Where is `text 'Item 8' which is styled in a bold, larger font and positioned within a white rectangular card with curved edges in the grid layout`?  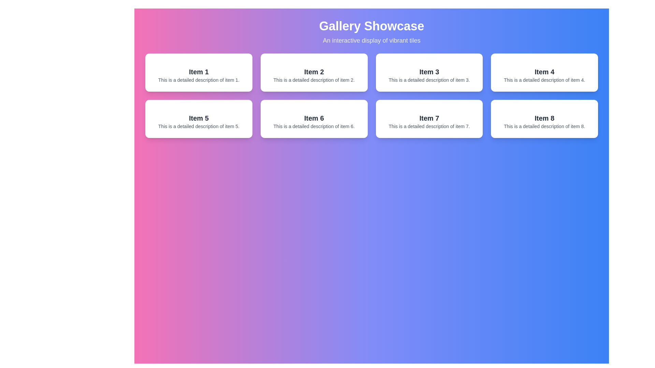
text 'Item 8' which is styled in a bold, larger font and positioned within a white rectangular card with curved edges in the grid layout is located at coordinates (544, 118).